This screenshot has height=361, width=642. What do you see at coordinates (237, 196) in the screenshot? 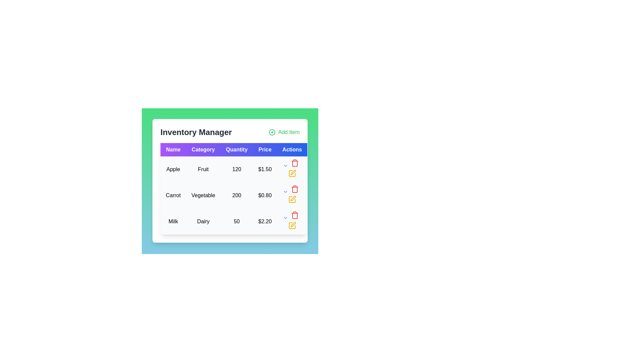
I see `text label displaying '200' in the third column of the second row under the header 'Inventory Manager'` at bounding box center [237, 196].